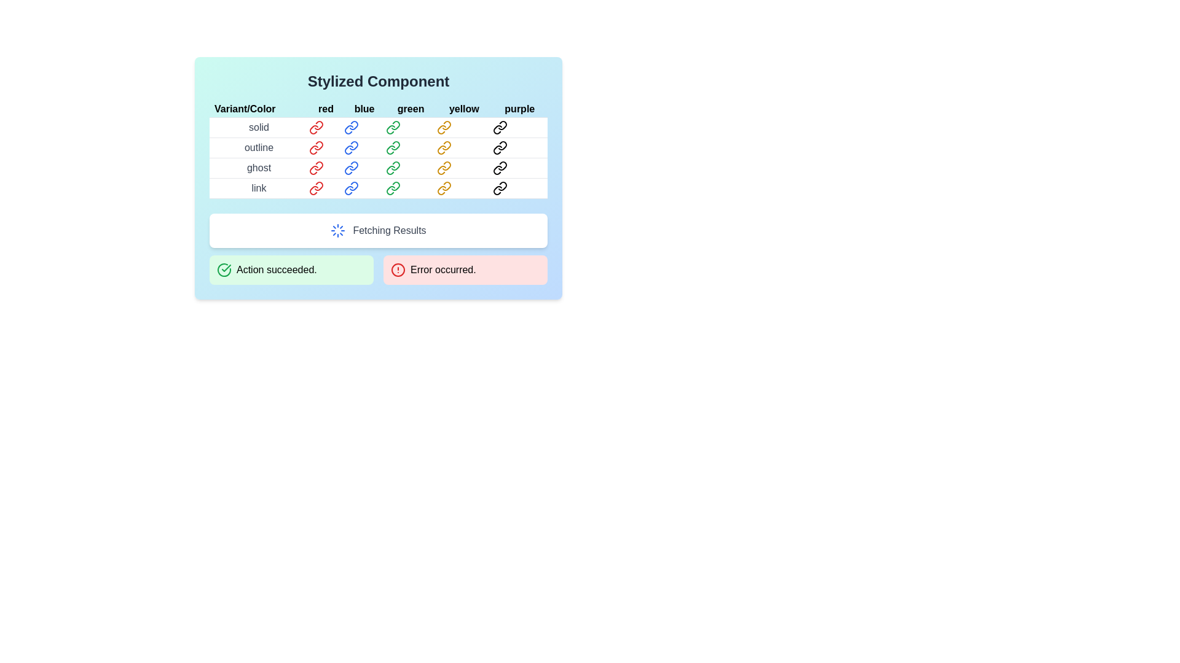 This screenshot has width=1180, height=663. Describe the element at coordinates (497, 130) in the screenshot. I see `the chain link icon in the first row and fifth column of the table, which is styled in a curved design and fits within the purple column under the 'solid' row` at that location.